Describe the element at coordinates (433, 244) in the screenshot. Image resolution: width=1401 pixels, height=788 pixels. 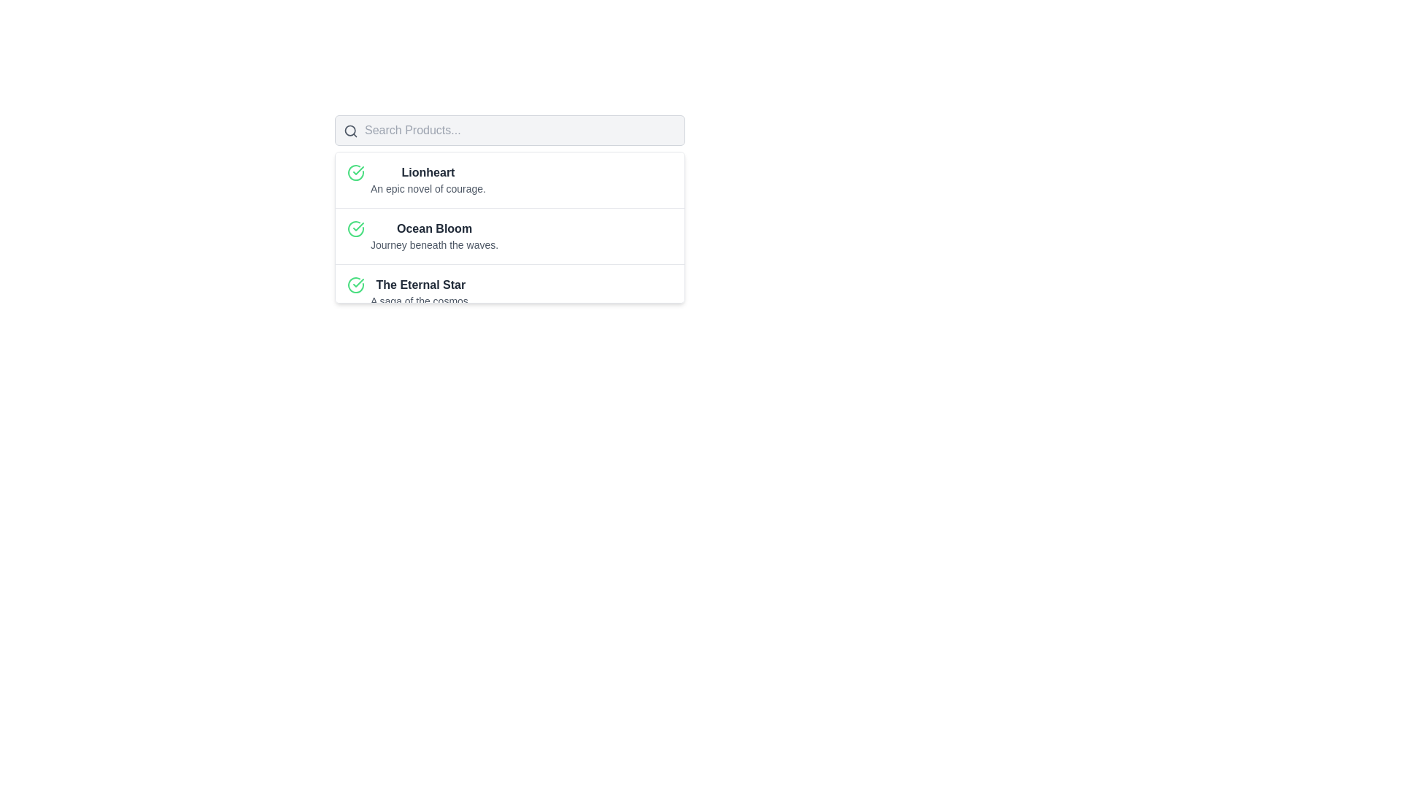
I see `the static text label that provides supplementary context for the 'Ocean Bloom' item, specifically displaying the text 'Journey beneath the waves.'` at that location.